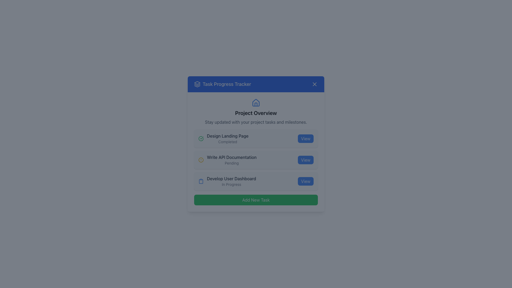 Image resolution: width=512 pixels, height=288 pixels. What do you see at coordinates (315, 84) in the screenshot?
I see `the close button in the top-right corner of the 'Task Progress Tracker' header` at bounding box center [315, 84].